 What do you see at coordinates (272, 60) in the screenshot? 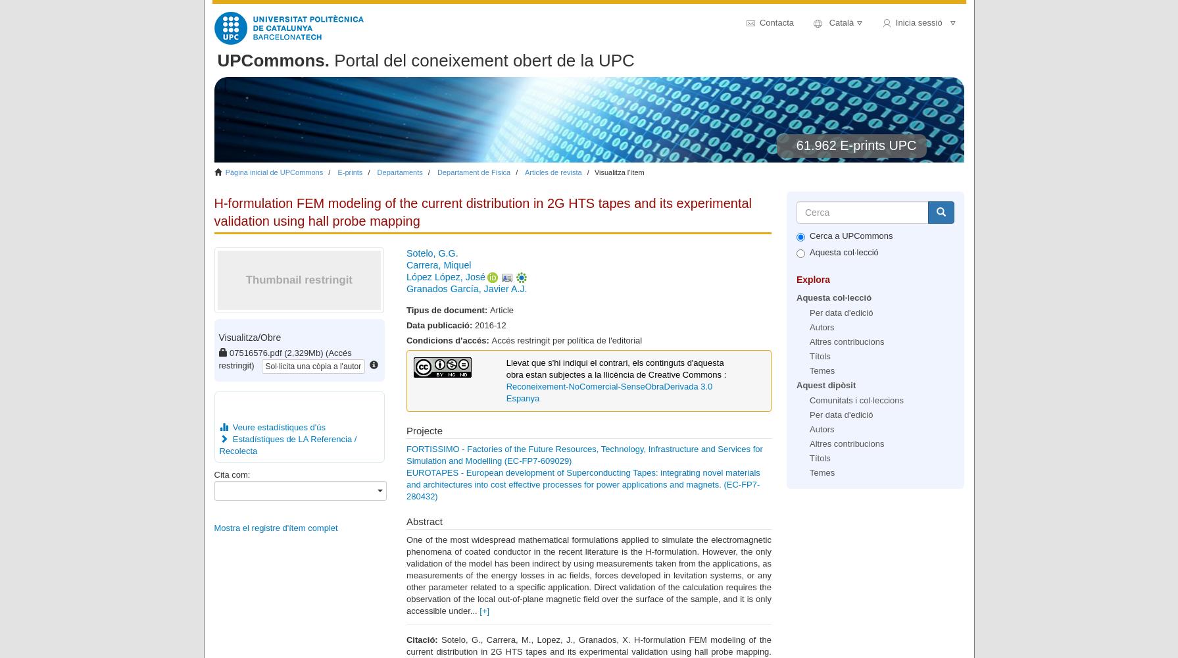
I see `'UPCommons.'` at bounding box center [272, 60].